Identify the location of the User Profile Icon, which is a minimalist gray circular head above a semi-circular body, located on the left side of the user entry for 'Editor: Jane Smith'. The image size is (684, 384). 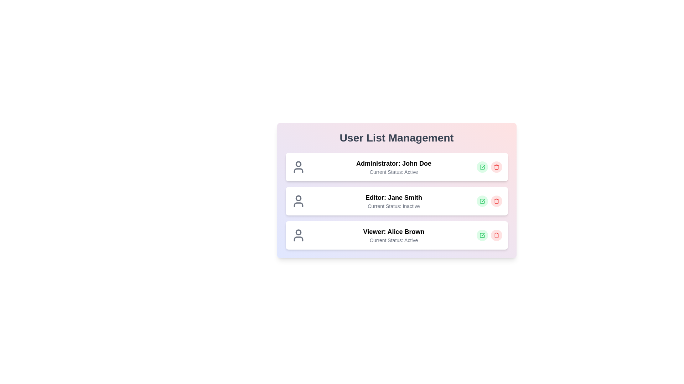
(298, 201).